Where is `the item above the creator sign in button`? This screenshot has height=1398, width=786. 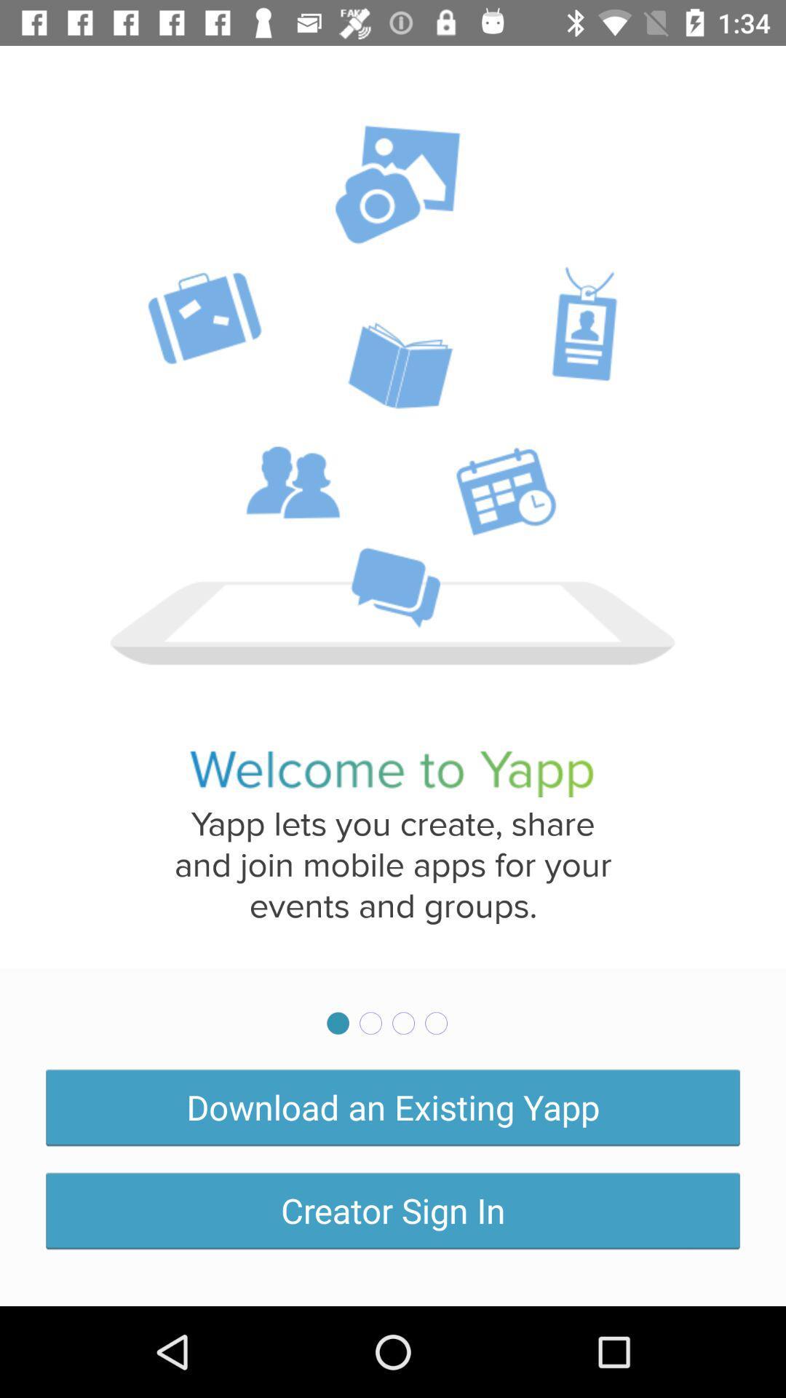 the item above the creator sign in button is located at coordinates (393, 1107).